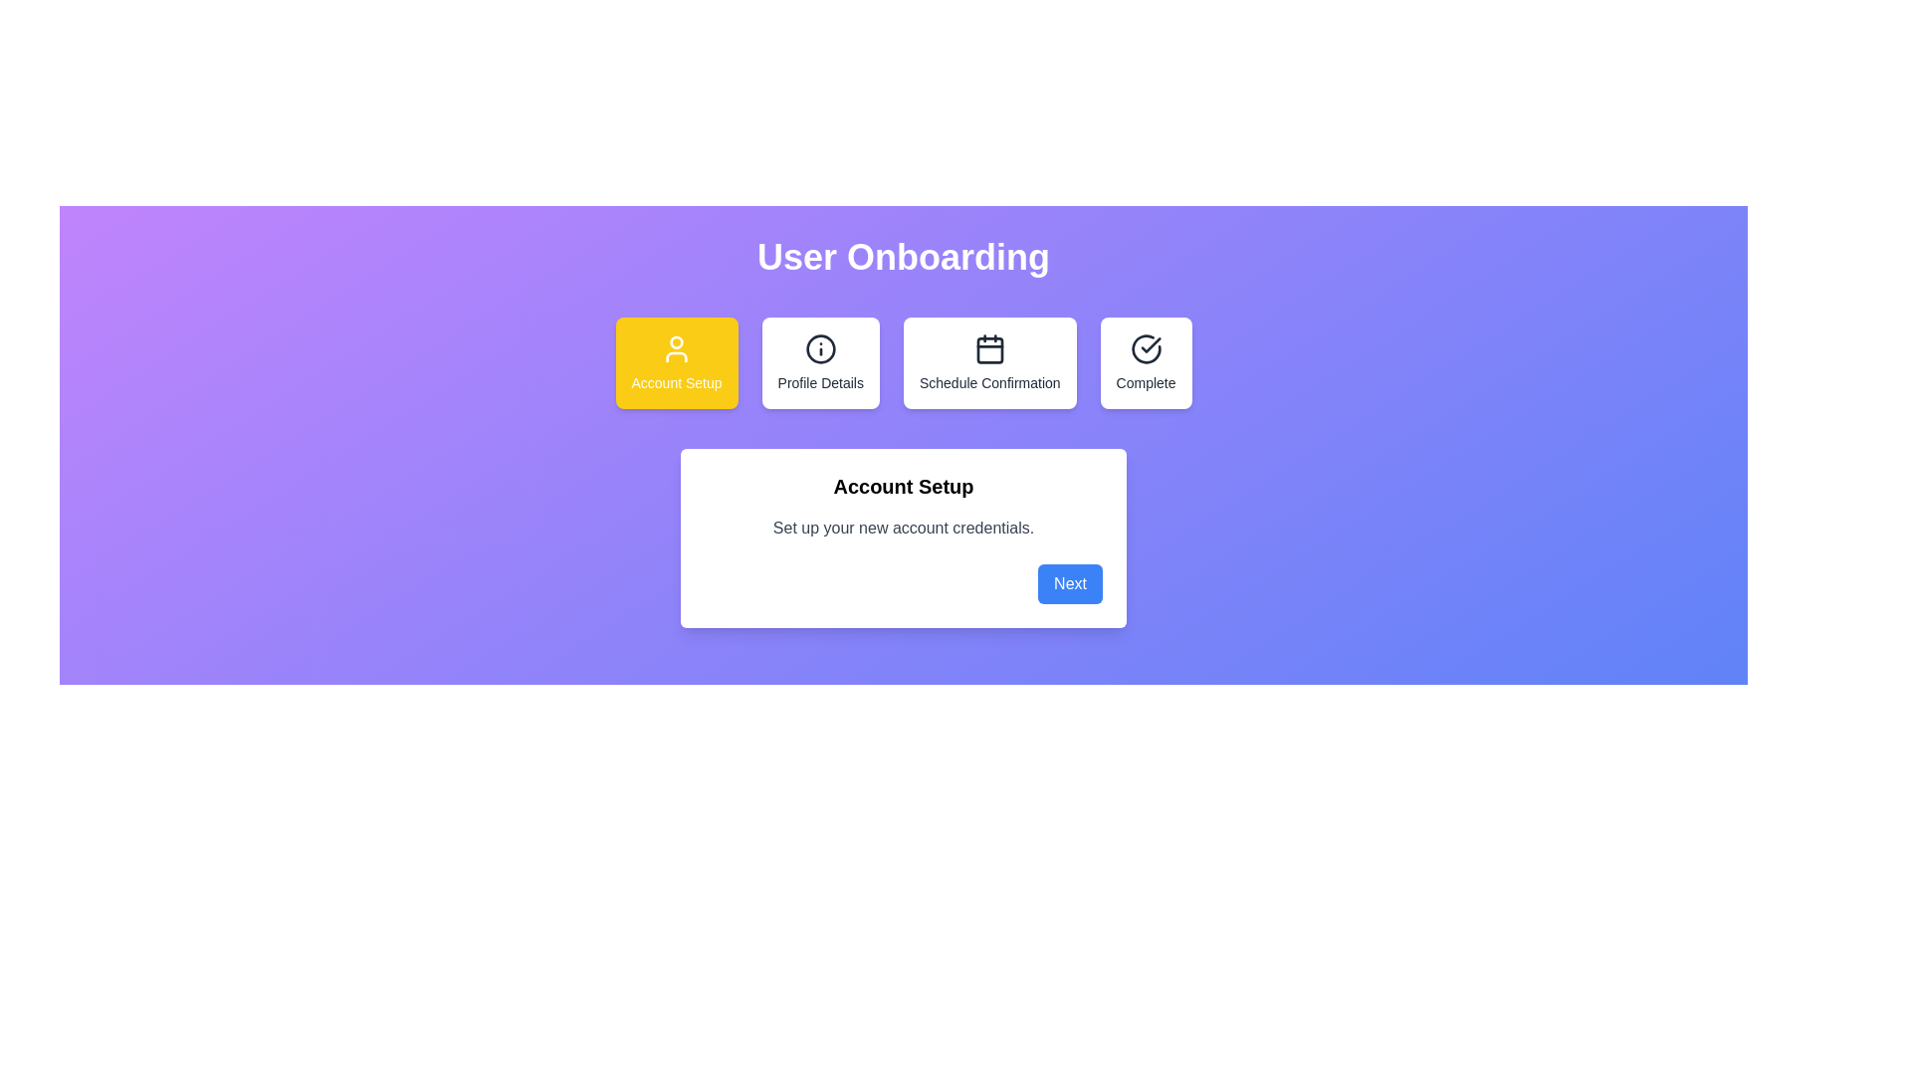 The image size is (1911, 1075). What do you see at coordinates (820, 363) in the screenshot?
I see `the step icon for Profile Details to navigate to that step` at bounding box center [820, 363].